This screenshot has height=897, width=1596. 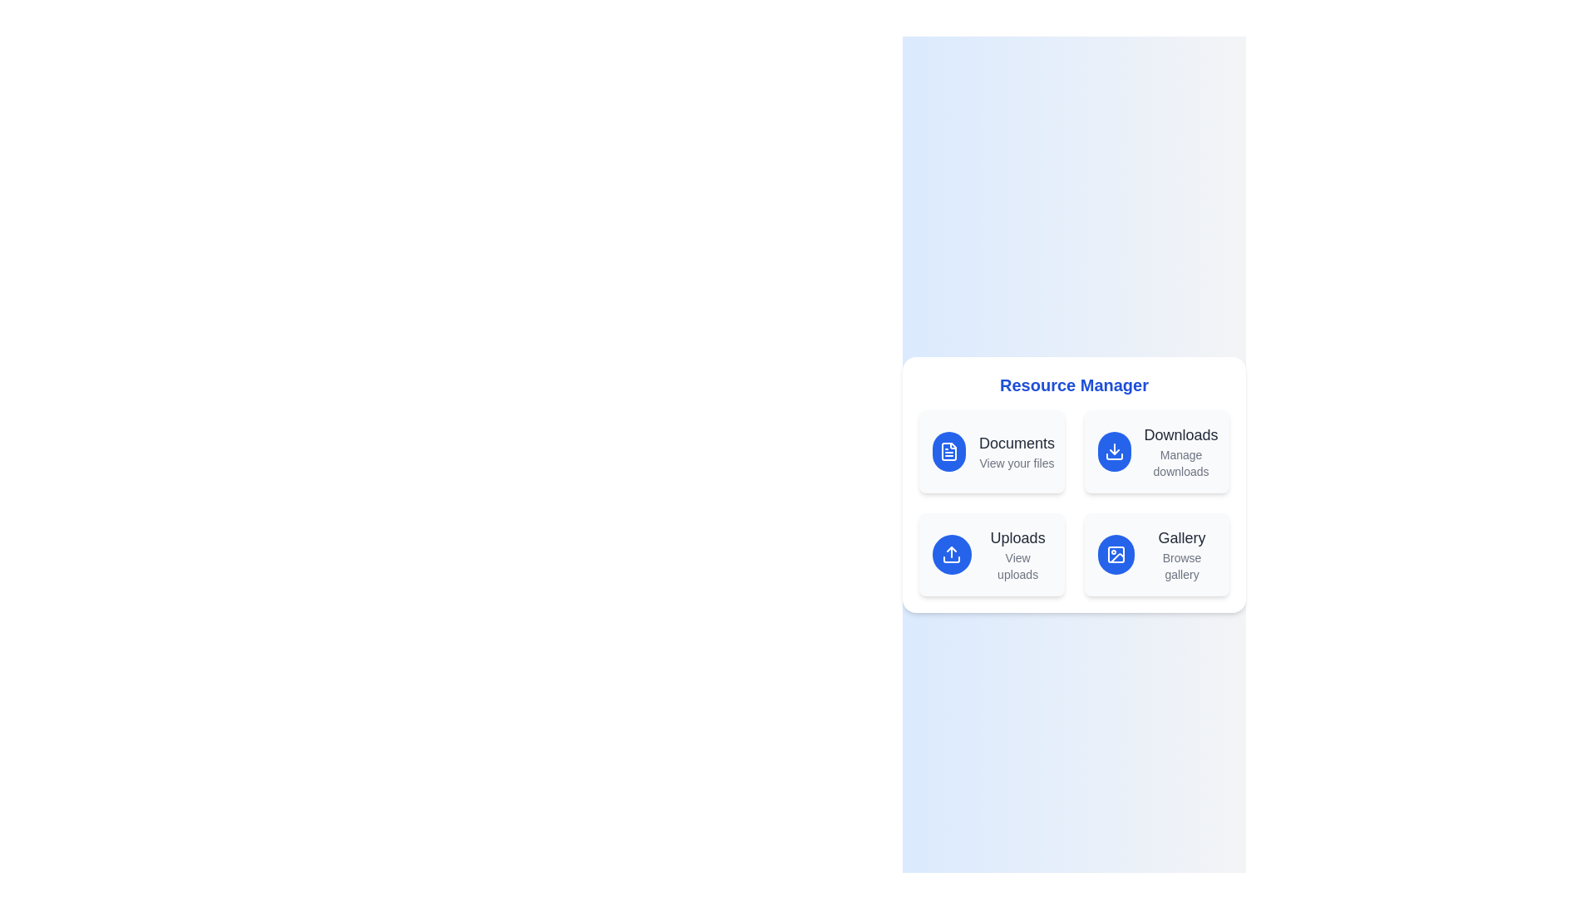 What do you see at coordinates (1155, 451) in the screenshot?
I see `the 'Downloads' option to manage downloads` at bounding box center [1155, 451].